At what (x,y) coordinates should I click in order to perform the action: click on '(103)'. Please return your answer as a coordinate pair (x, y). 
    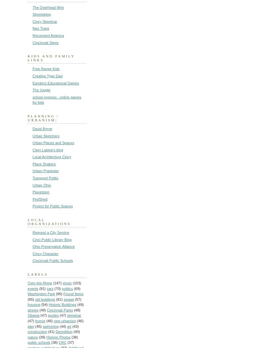
    Looking at the image, I should click on (73, 283).